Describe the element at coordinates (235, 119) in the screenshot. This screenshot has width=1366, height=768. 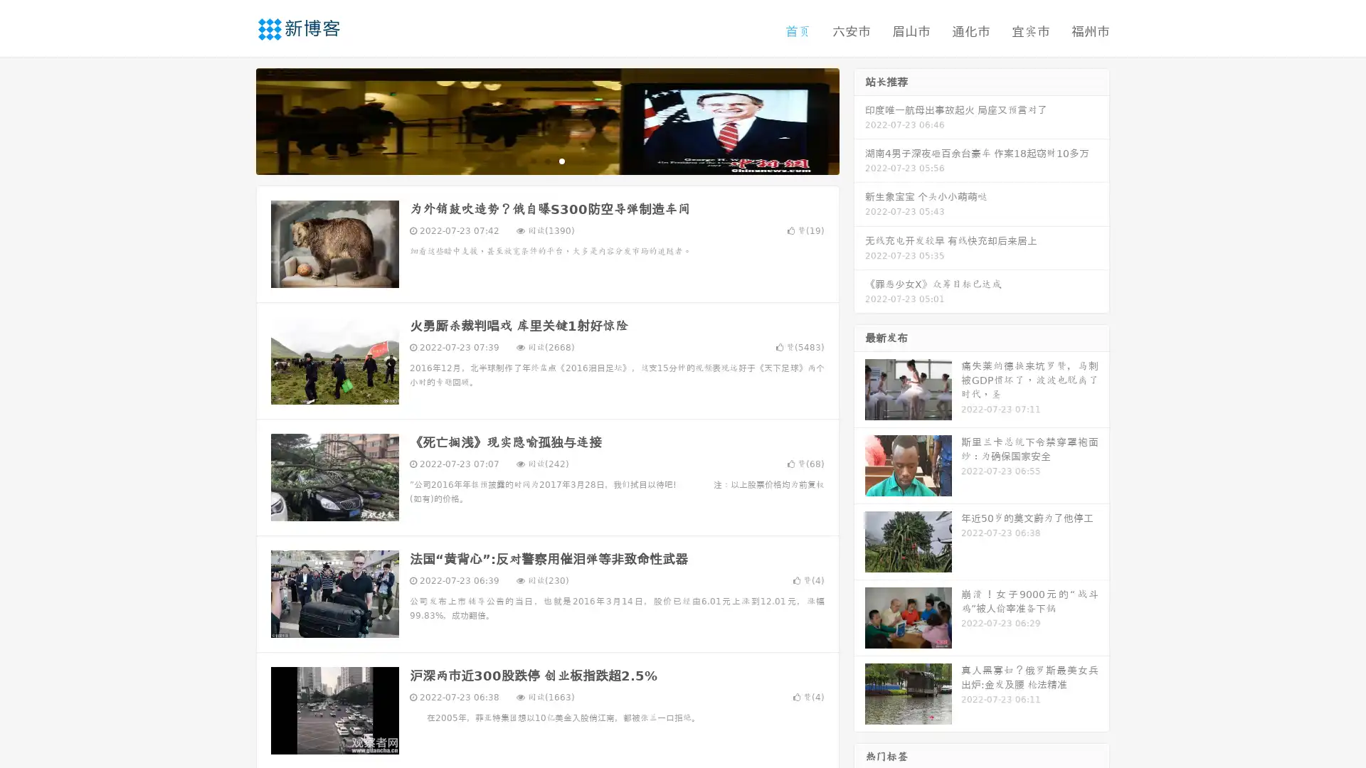
I see `Previous slide` at that location.